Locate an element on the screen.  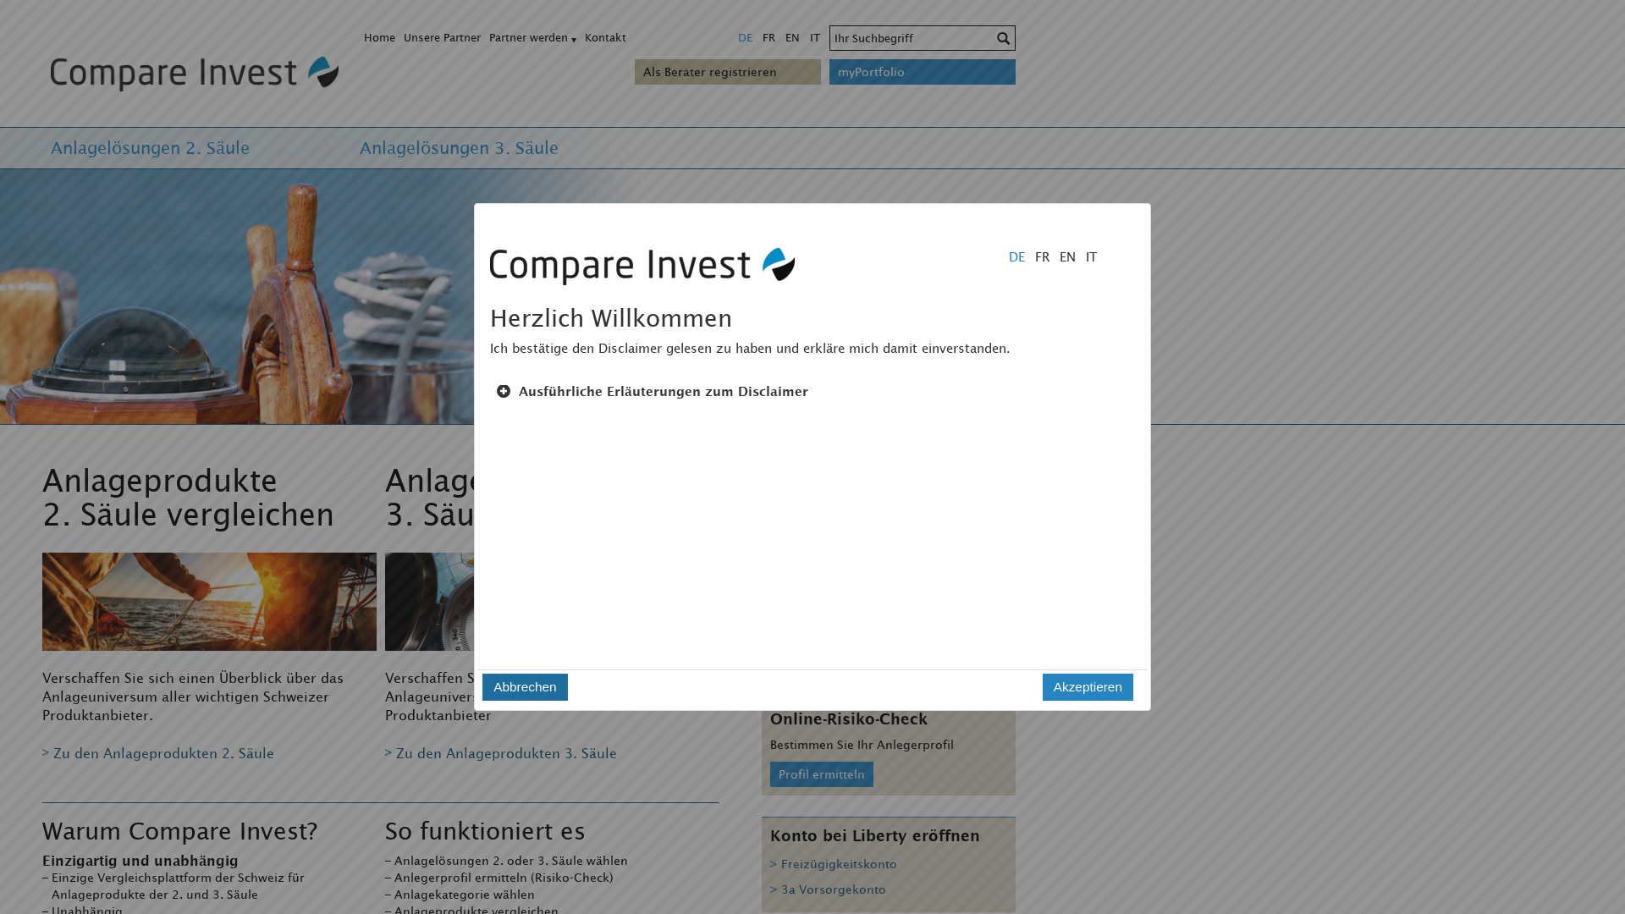
'Akzeptieren' is located at coordinates (1088, 687).